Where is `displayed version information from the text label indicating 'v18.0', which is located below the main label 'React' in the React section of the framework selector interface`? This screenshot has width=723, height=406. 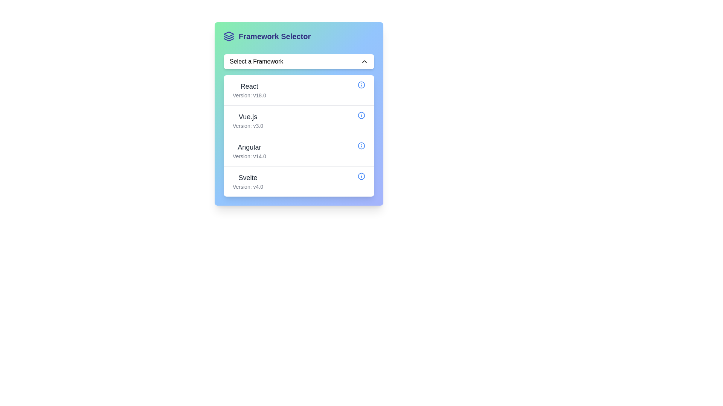
displayed version information from the text label indicating 'v18.0', which is located below the main label 'React' in the React section of the framework selector interface is located at coordinates (249, 95).